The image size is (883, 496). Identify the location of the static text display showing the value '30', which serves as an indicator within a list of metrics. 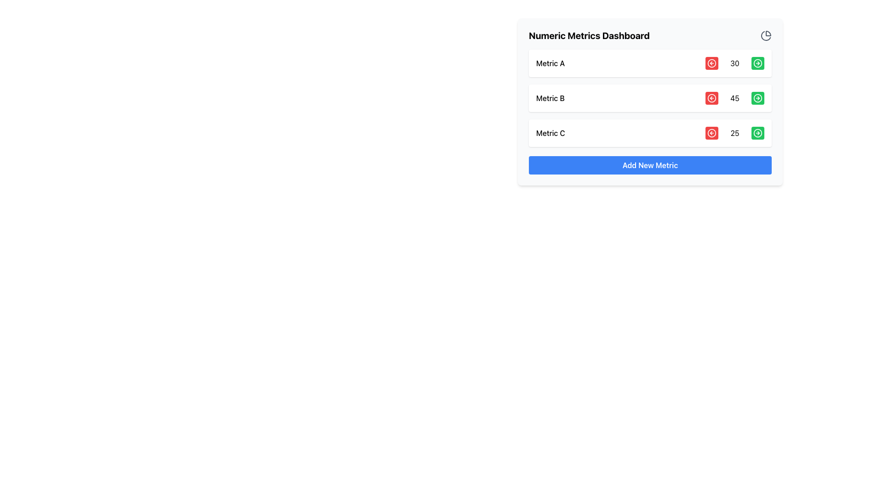
(734, 63).